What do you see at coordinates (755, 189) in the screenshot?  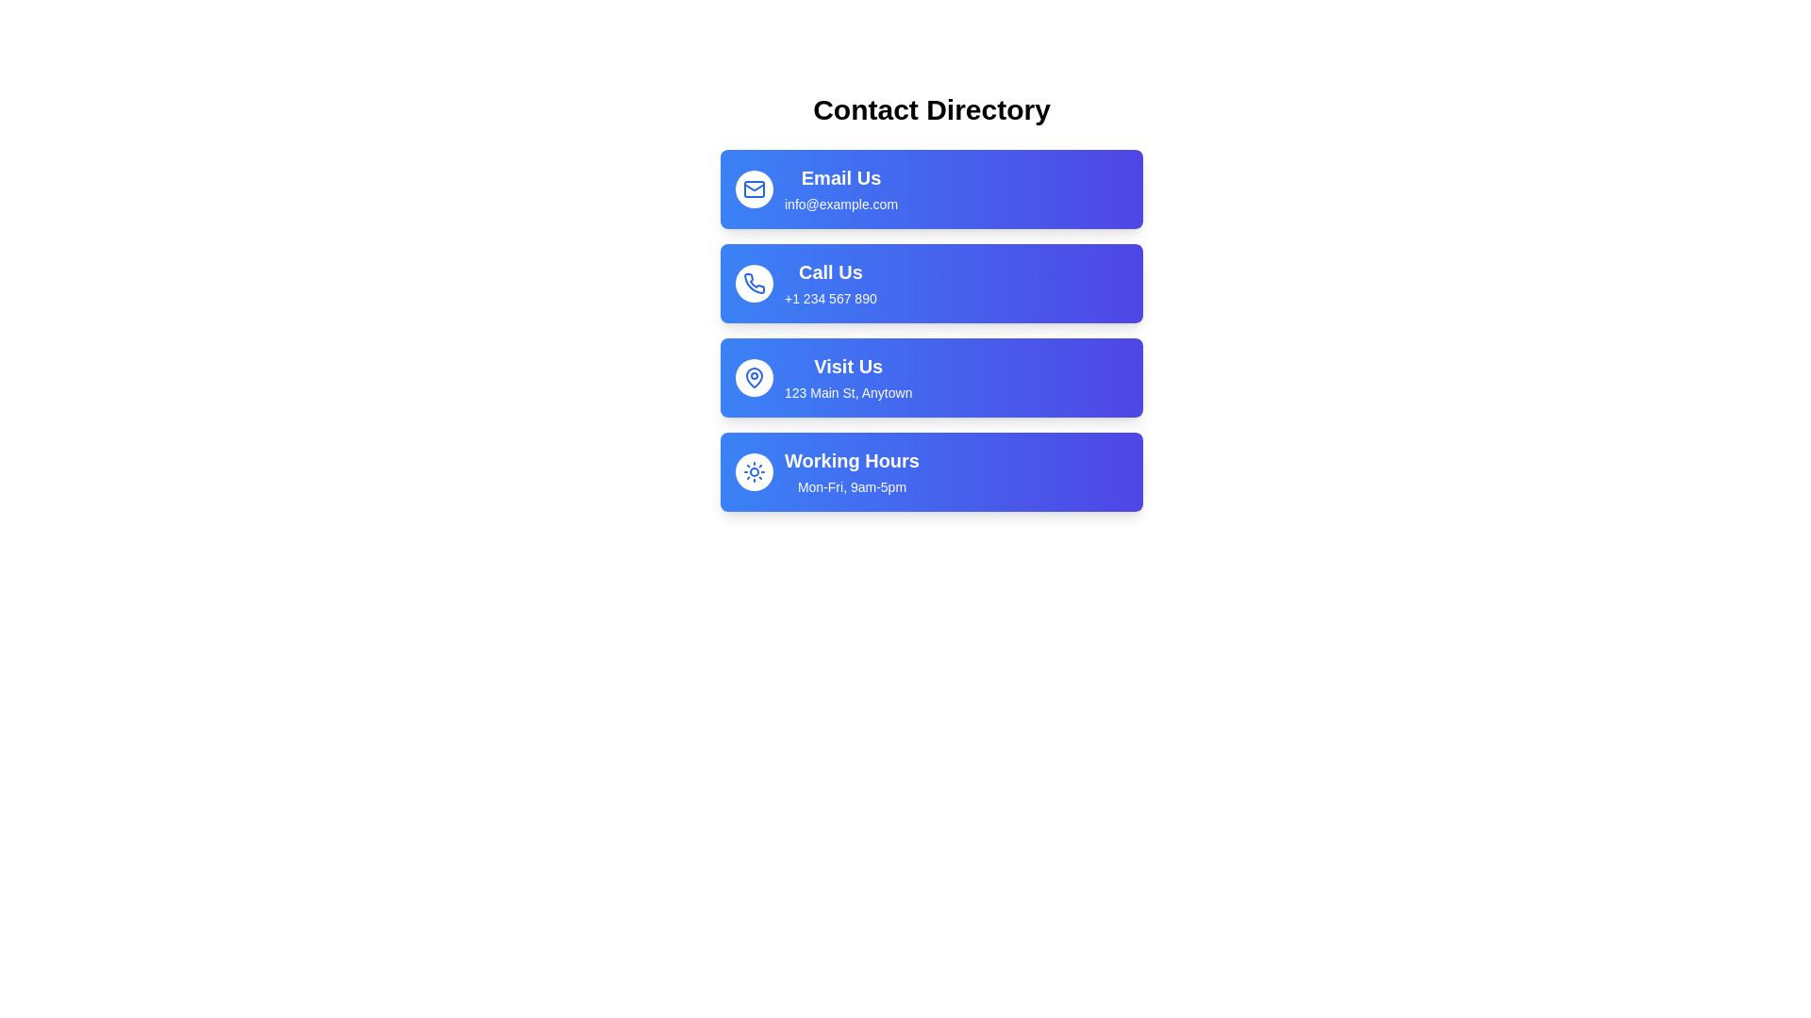 I see `the mail icon with a blue square border and a white envelope, located to the left of 'Email Us' and 'info@example.com' in the first card of the contact options list` at bounding box center [755, 189].